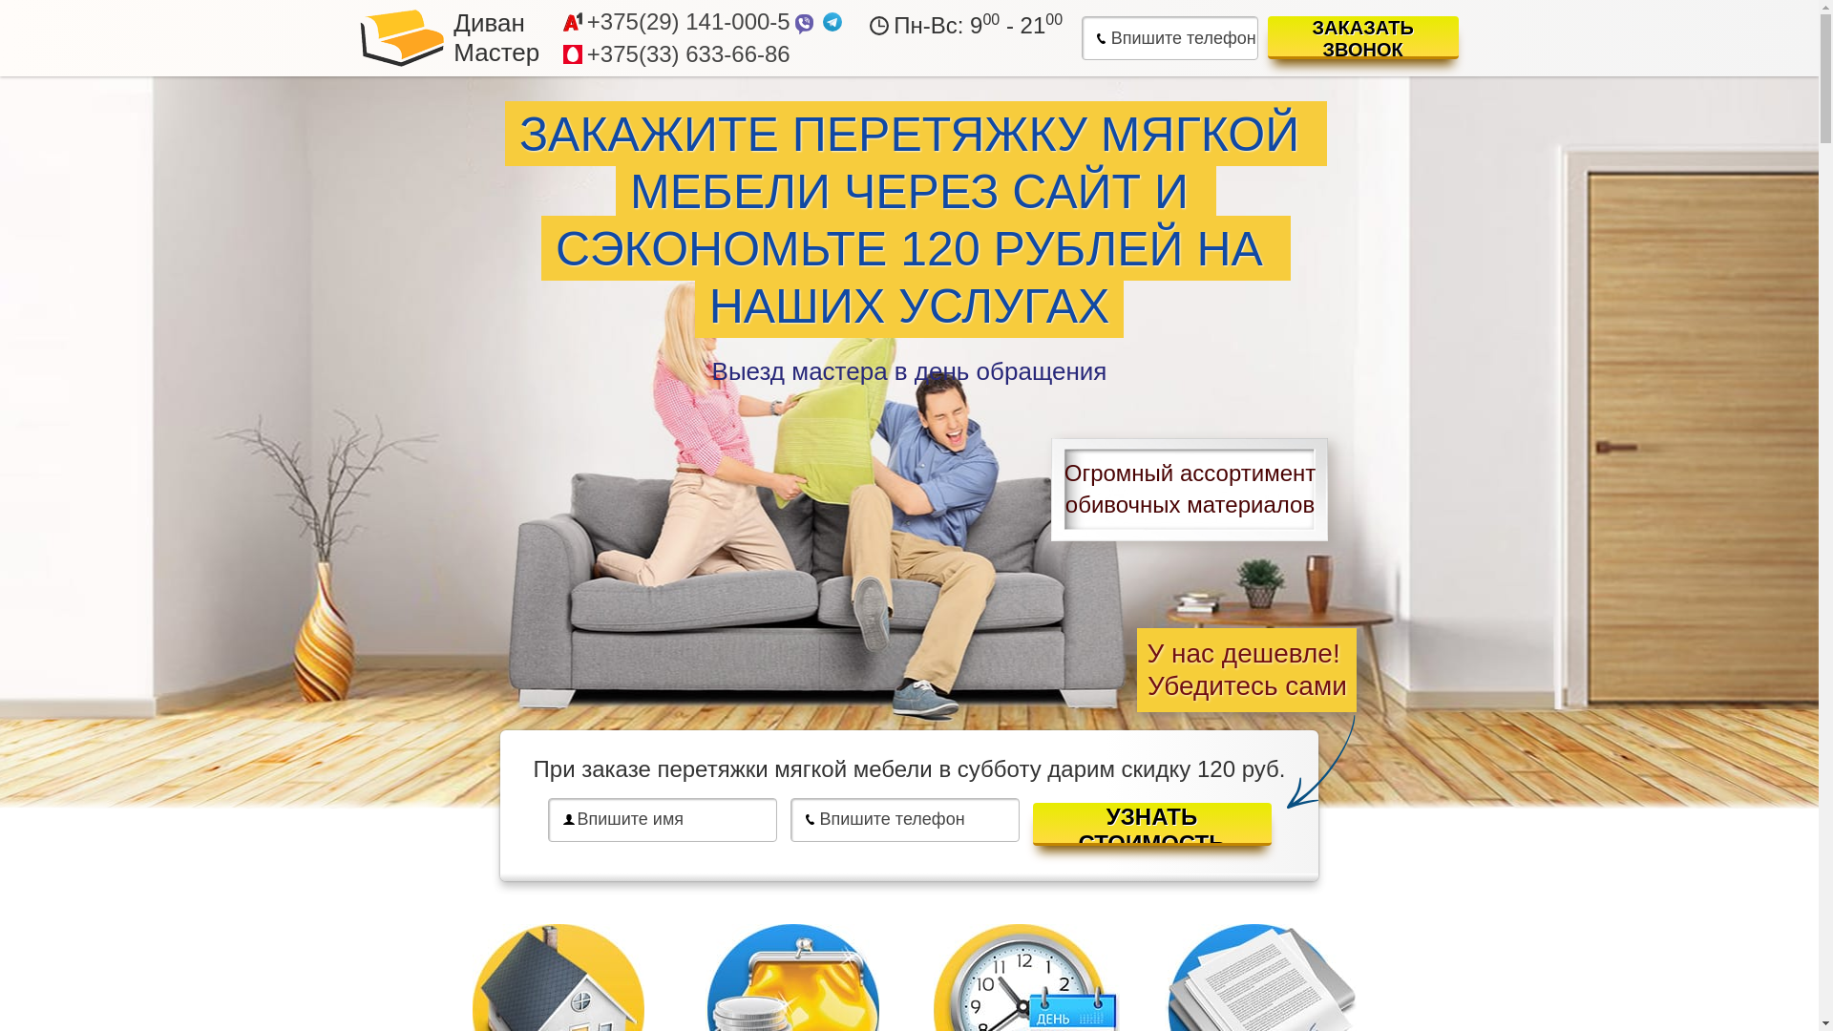 This screenshot has height=1031, width=1833. I want to click on '+375(33) 633-66-86', so click(687, 53).